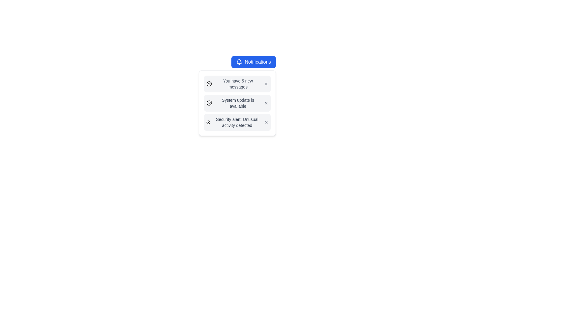  I want to click on the second notification item for system update, which includes a dismiss option, so click(237, 103).